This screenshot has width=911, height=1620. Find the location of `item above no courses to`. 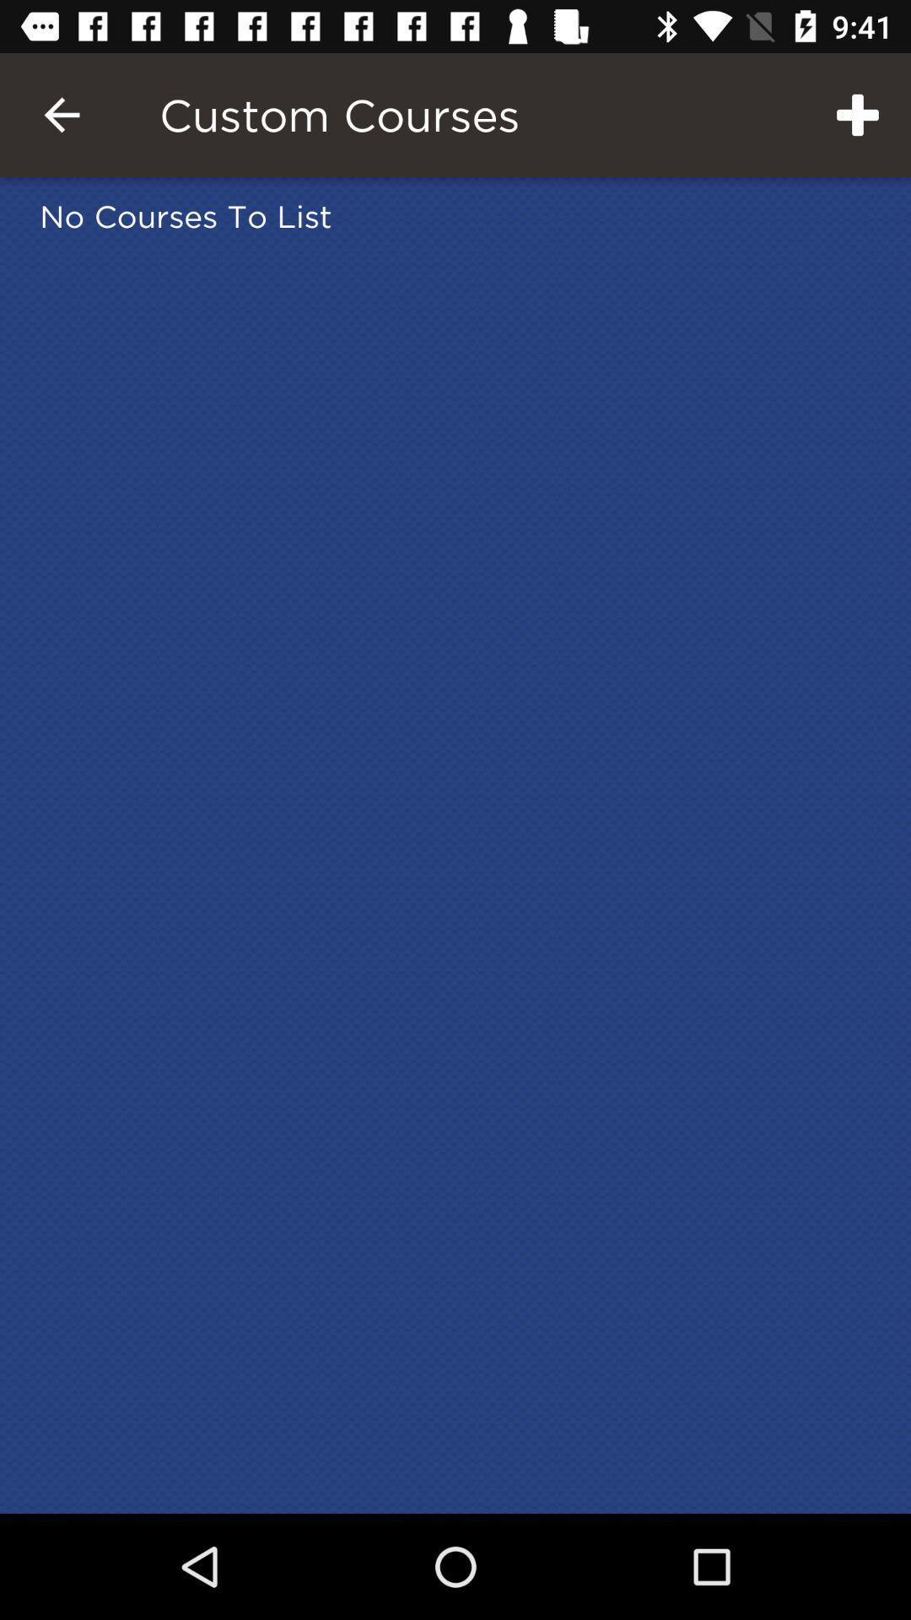

item above no courses to is located at coordinates (61, 114).